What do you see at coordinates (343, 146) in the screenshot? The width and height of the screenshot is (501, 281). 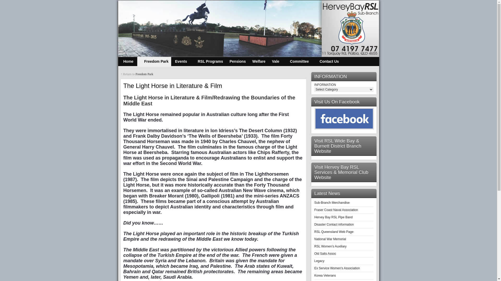 I see `'Visit RSL Wide Bay & Burnett District Branch Website'` at bounding box center [343, 146].